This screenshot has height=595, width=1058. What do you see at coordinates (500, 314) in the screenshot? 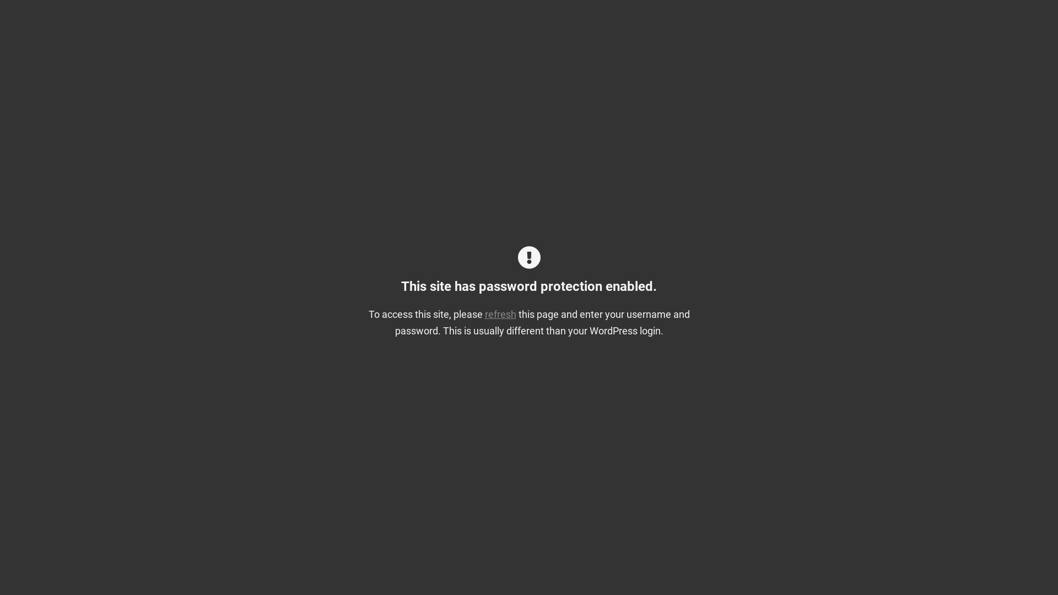
I see `'refresh'` at bounding box center [500, 314].